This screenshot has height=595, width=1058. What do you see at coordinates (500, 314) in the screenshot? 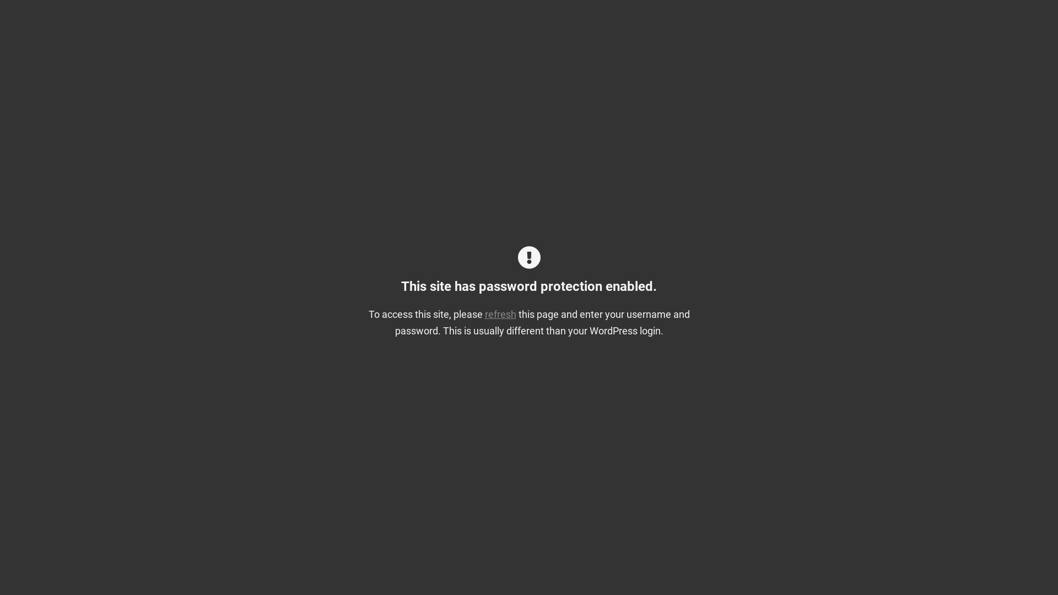
I see `'refresh'` at bounding box center [500, 314].